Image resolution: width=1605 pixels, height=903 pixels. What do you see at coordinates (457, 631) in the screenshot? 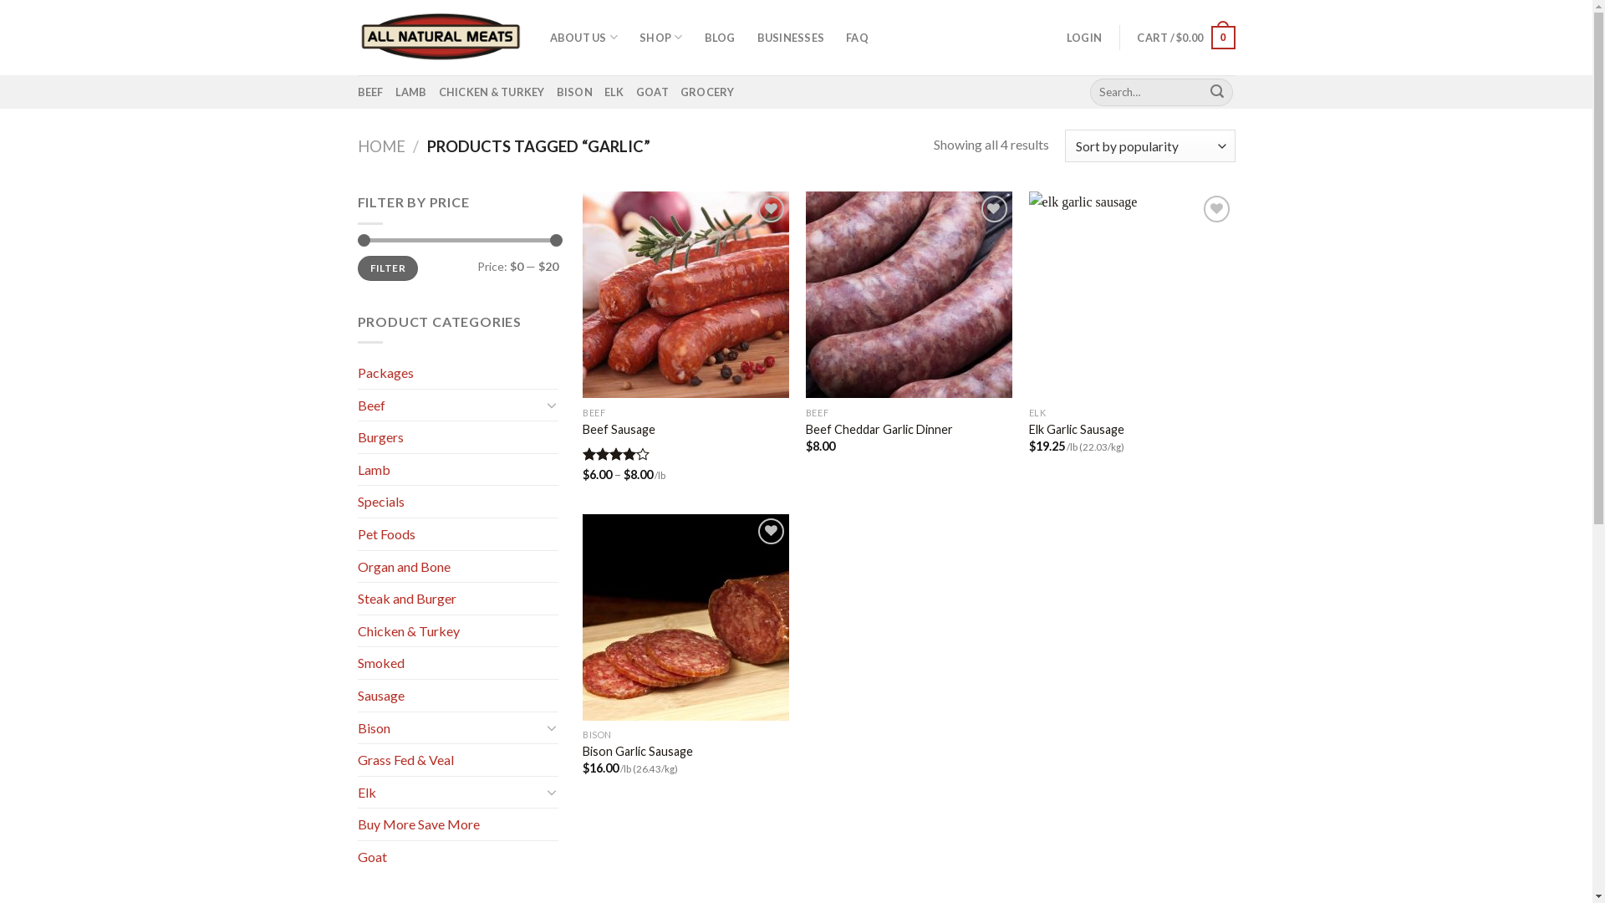
I see `'Chicken & Turkey'` at bounding box center [457, 631].